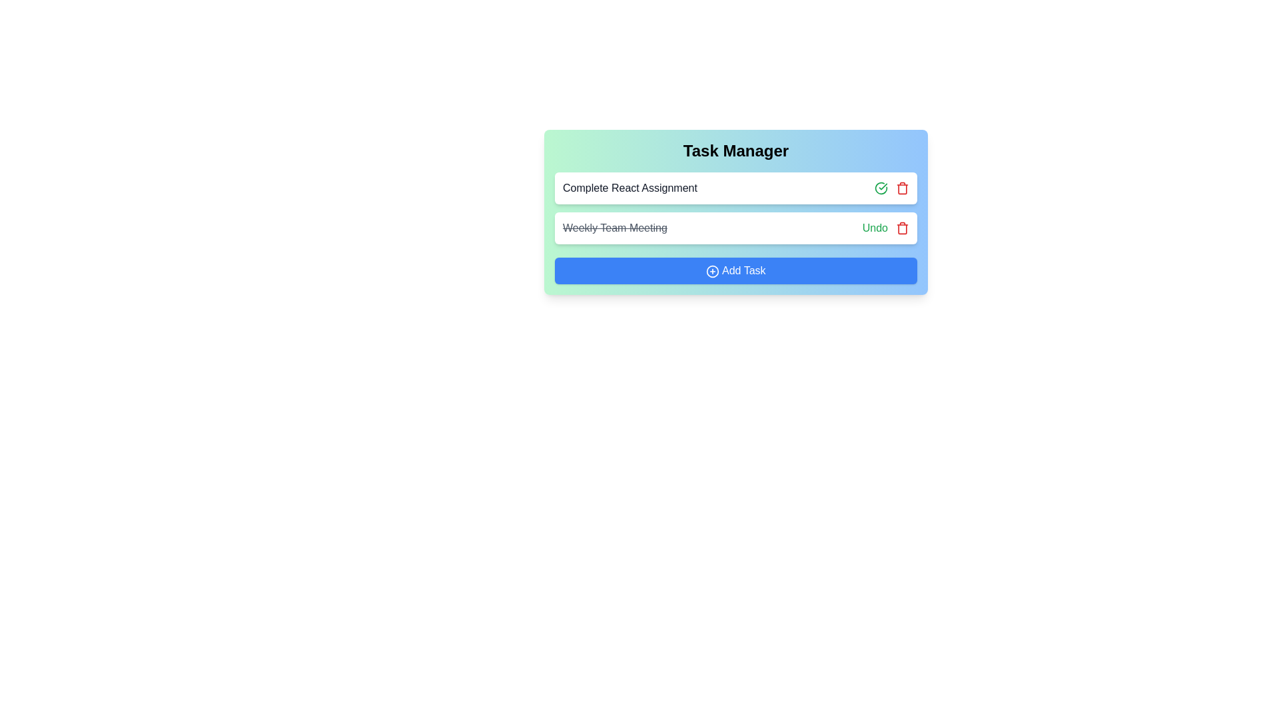 The height and width of the screenshot is (719, 1279). What do you see at coordinates (735, 270) in the screenshot?
I see `the 'Add Task' button to add a new task` at bounding box center [735, 270].